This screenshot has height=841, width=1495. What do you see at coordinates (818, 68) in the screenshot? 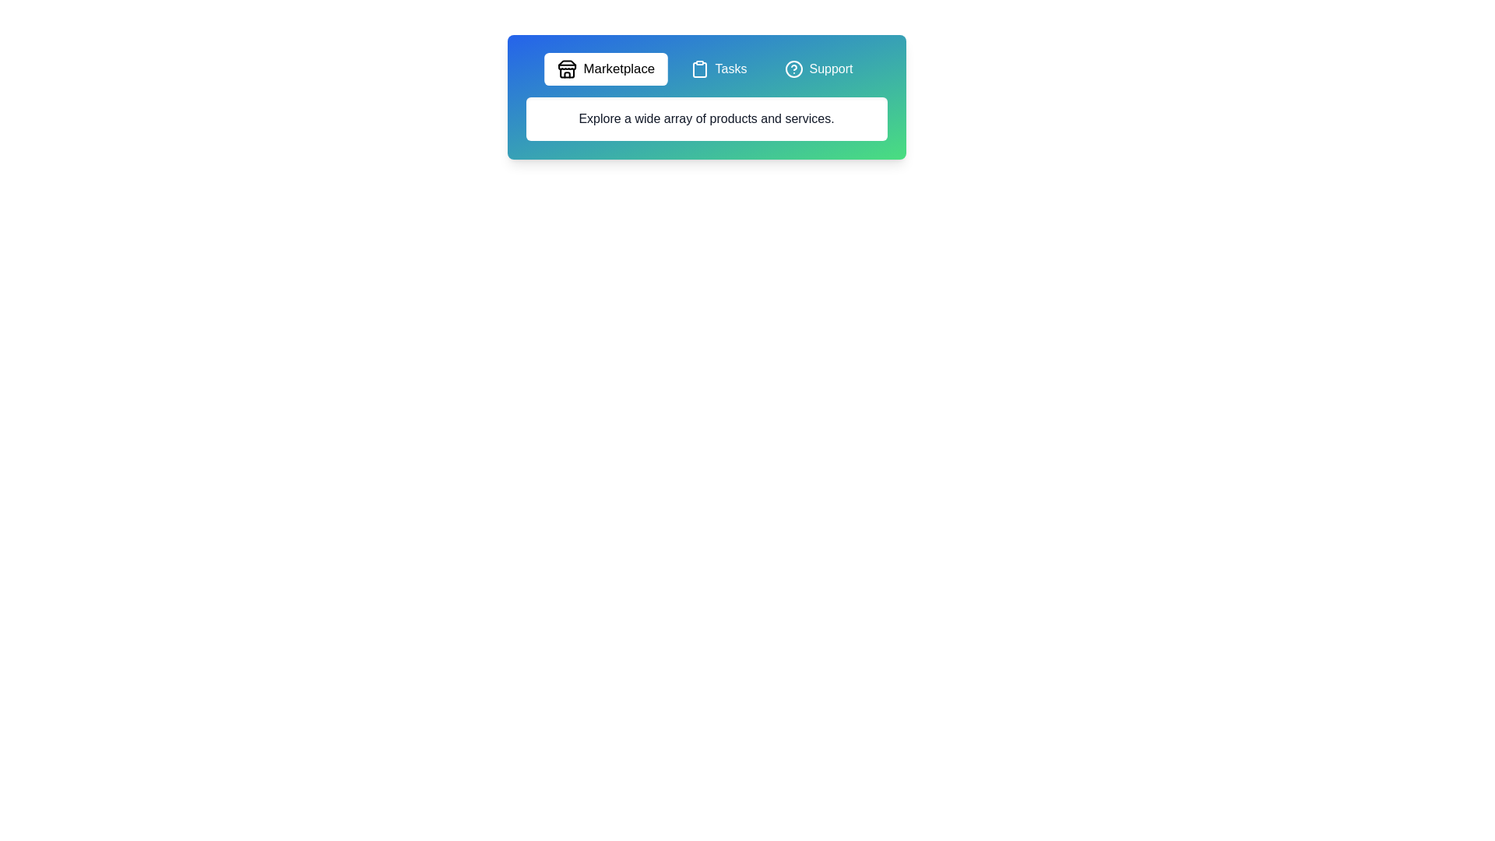
I see `the tab button labeled Support to observe its hover effect` at bounding box center [818, 68].